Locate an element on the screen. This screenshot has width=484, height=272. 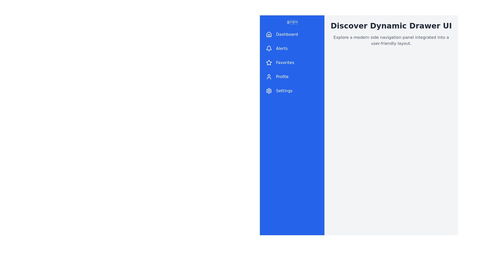
the 'Favorites' text element in the left-side vertical navigation menu, which is styled in white font on a blue background and is the third text item from the top is located at coordinates (285, 62).